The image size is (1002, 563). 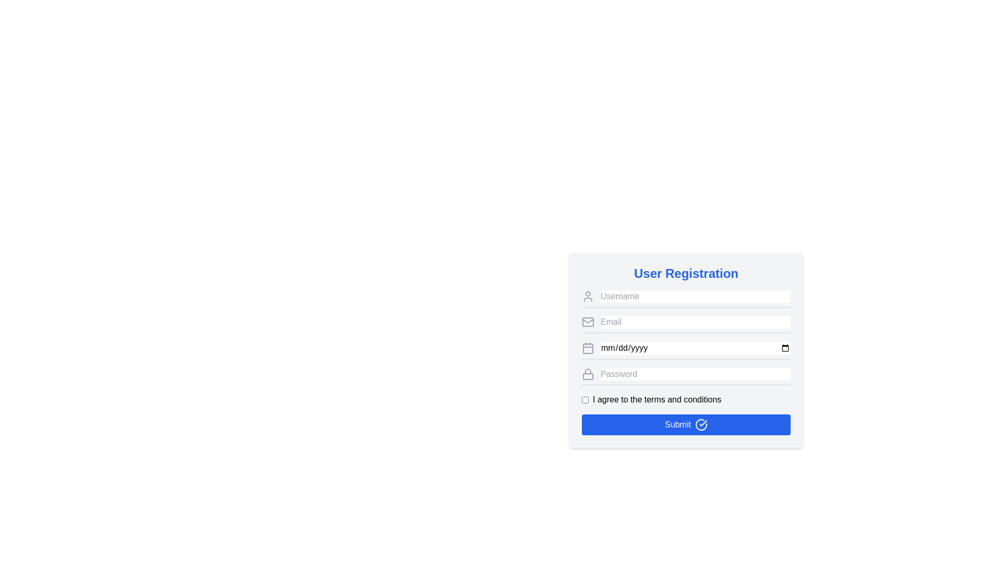 What do you see at coordinates (588, 373) in the screenshot?
I see `the decorative 'Password' icon located at the beginning of the 'Password' input field, which signifies security or privacy` at bounding box center [588, 373].